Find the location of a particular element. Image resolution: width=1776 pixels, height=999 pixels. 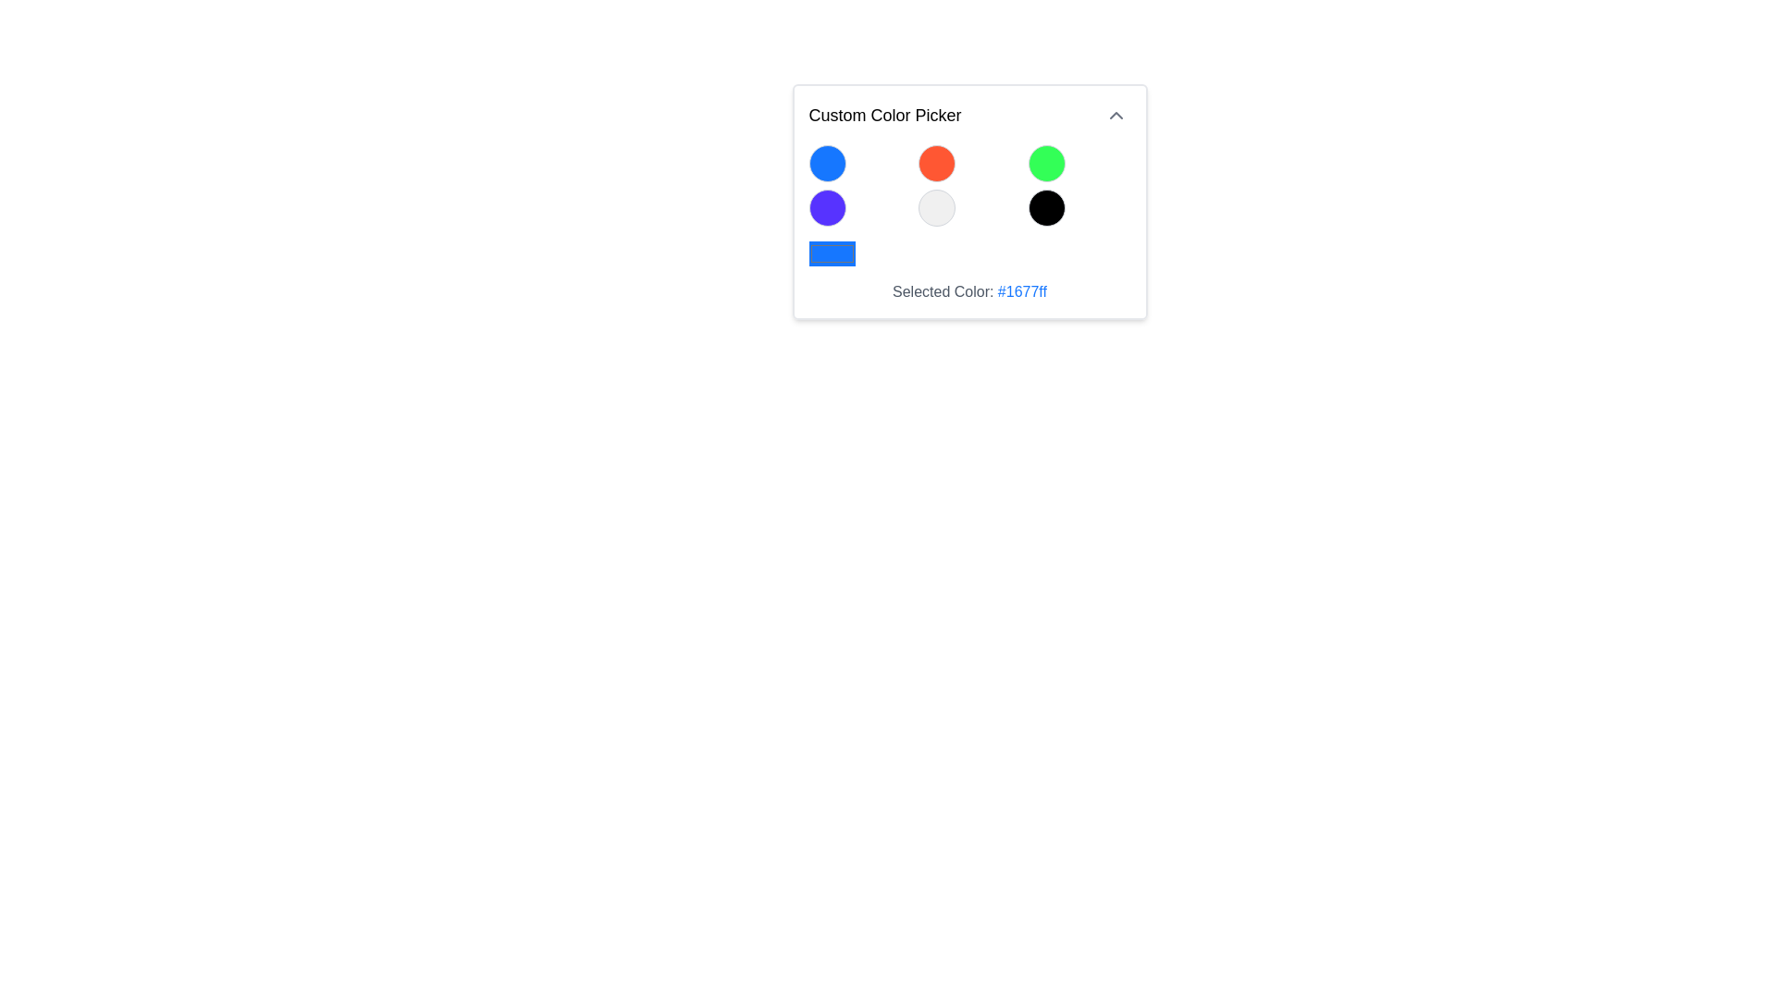

text content displayed in the Text Display element located at the bottom of the color selection area is located at coordinates (968, 291).